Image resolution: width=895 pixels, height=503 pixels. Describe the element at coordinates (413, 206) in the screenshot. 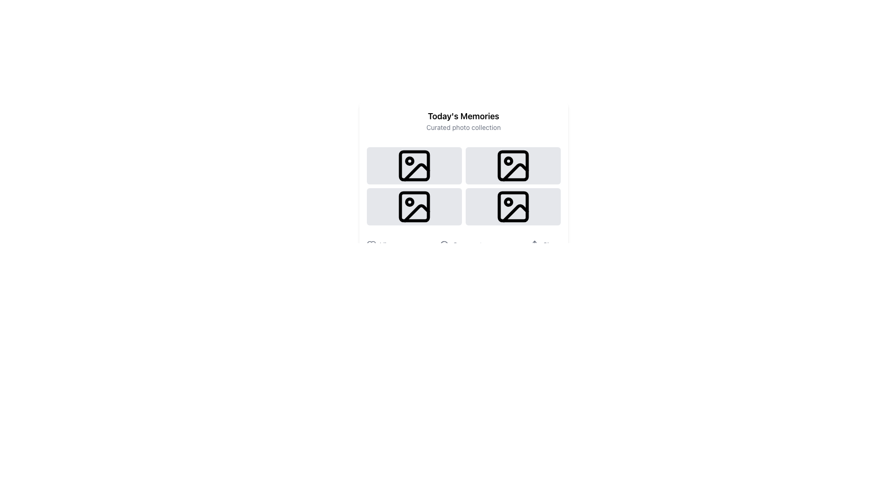

I see `outer rectangle of the SVG icon representing 'Today's Memories' located in the bottom-left quadrant of a 2x2 grid layout` at that location.